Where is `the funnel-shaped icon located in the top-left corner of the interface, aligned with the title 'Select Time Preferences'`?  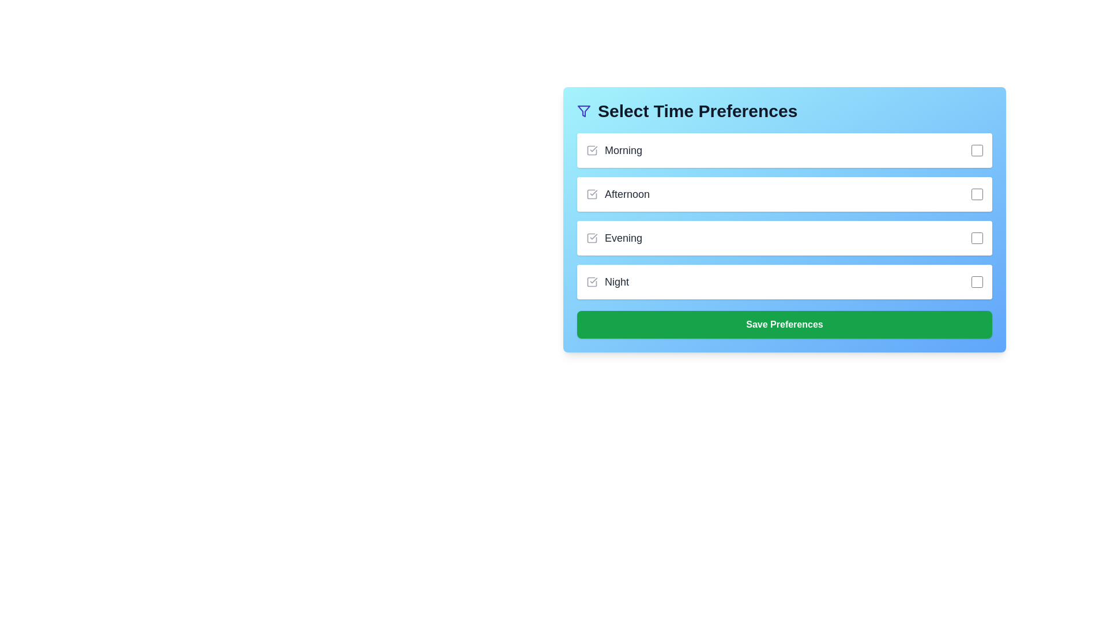
the funnel-shaped icon located in the top-left corner of the interface, aligned with the title 'Select Time Preferences' is located at coordinates (583, 111).